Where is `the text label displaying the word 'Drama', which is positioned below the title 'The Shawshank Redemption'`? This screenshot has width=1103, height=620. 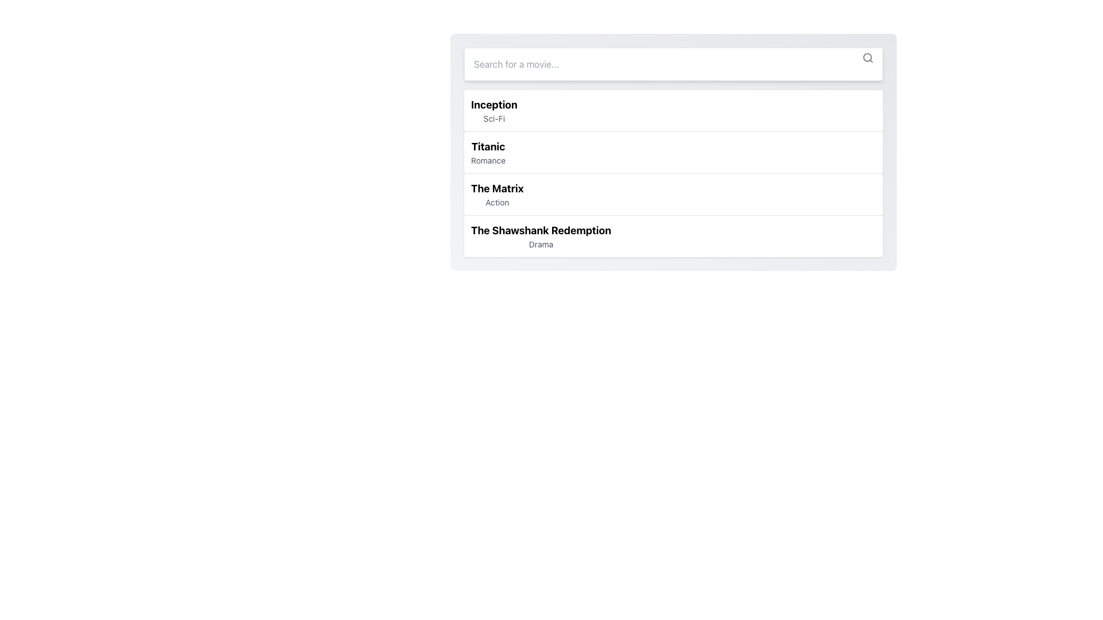 the text label displaying the word 'Drama', which is positioned below the title 'The Shawshank Redemption' is located at coordinates (540, 243).